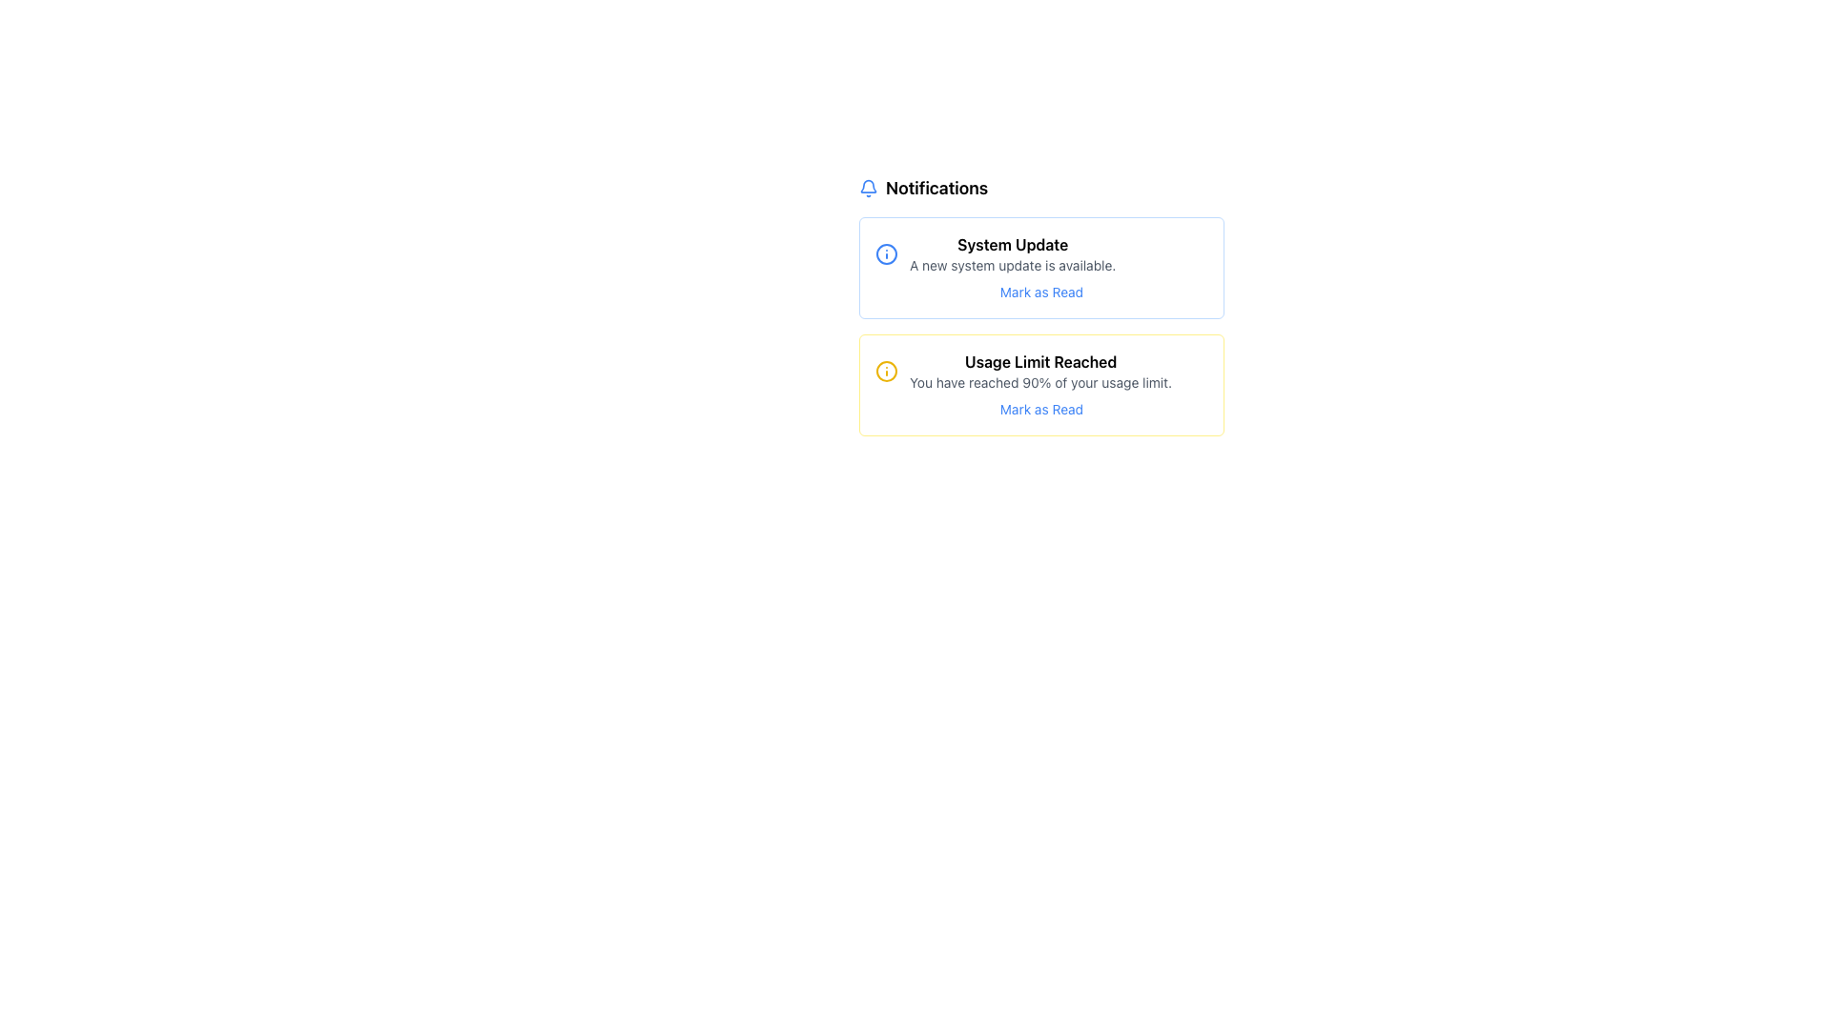 The height and width of the screenshot is (1029, 1831). What do you see at coordinates (1039, 371) in the screenshot?
I see `information displayed in the text notification about reaching 90% of the usage limit located in the second notification box beneath 'System Update'` at bounding box center [1039, 371].